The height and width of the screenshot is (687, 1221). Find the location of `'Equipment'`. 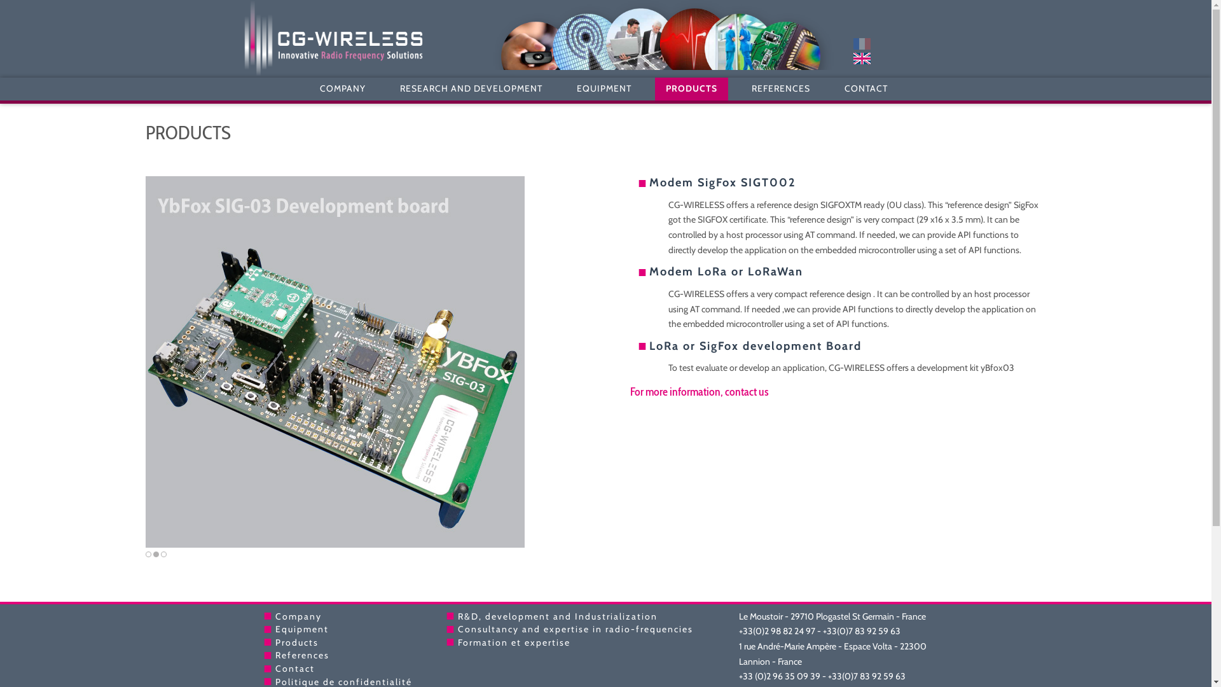

'Equipment' is located at coordinates (301, 628).